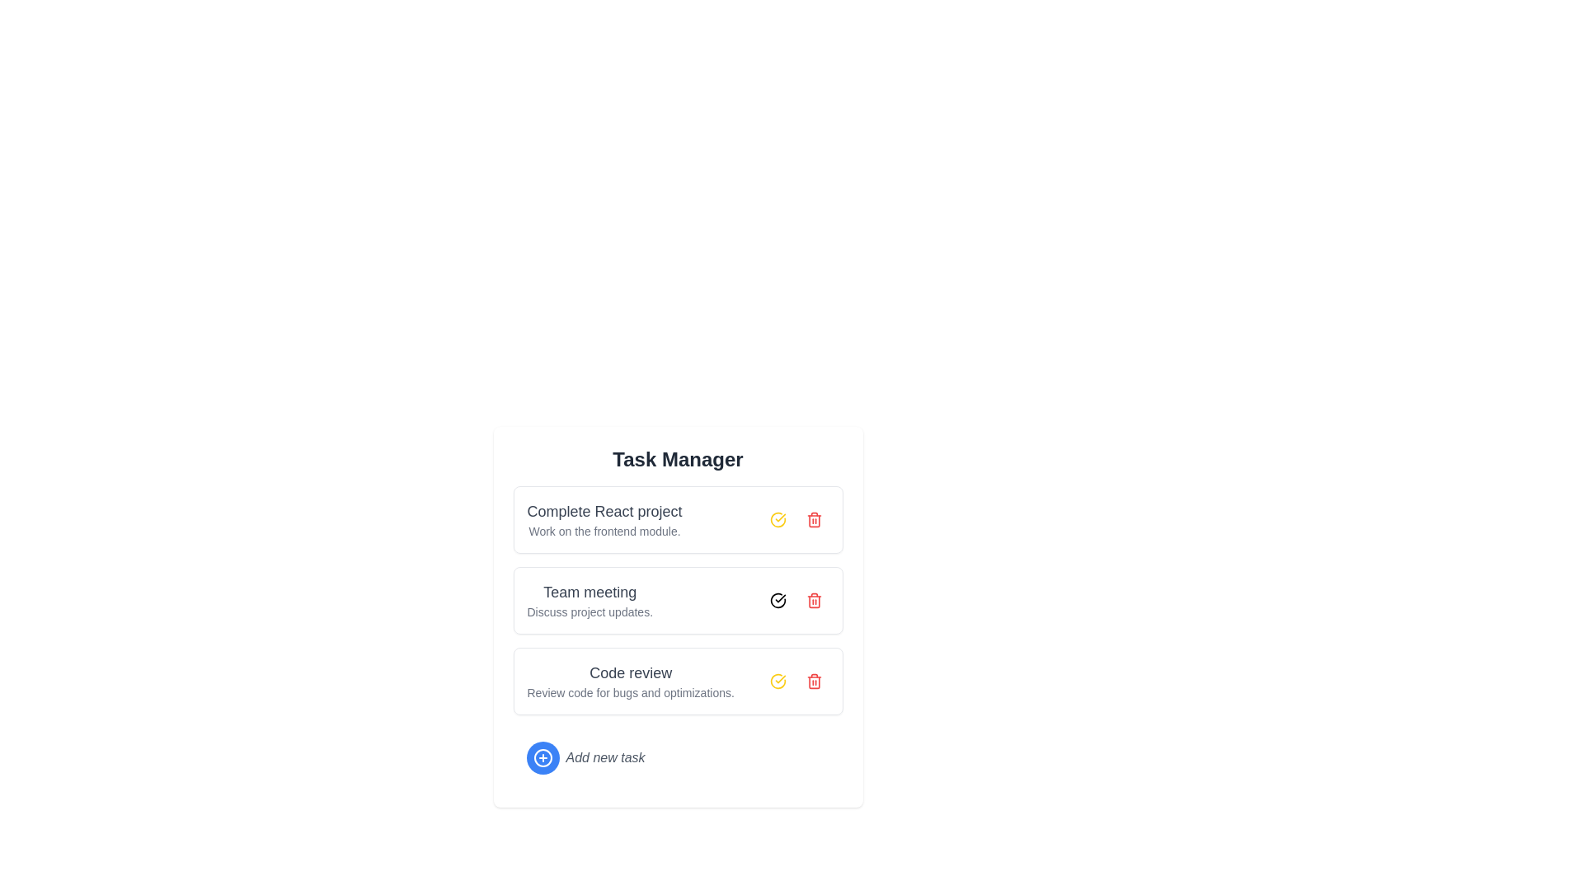 The width and height of the screenshot is (1583, 890). I want to click on the delete button located to the immediate right of the yellow check-mark icon in the first task of the task list, so click(814, 520).